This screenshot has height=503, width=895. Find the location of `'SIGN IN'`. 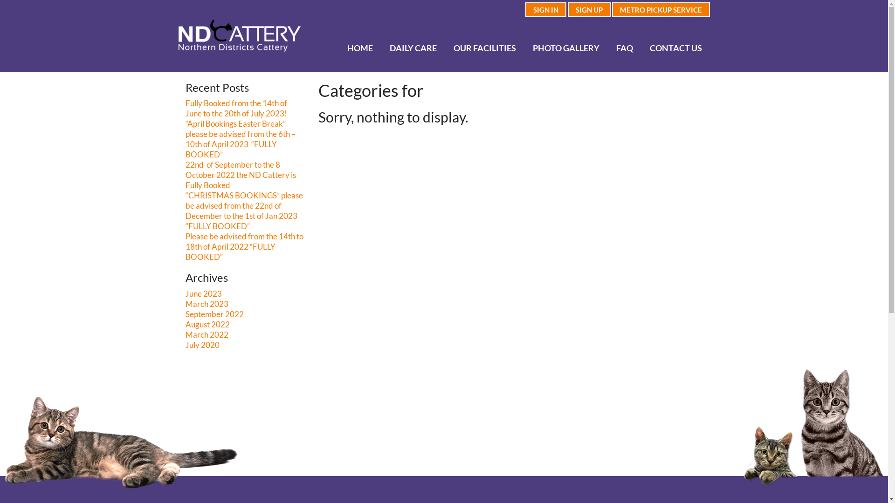

'SIGN IN' is located at coordinates (545, 9).